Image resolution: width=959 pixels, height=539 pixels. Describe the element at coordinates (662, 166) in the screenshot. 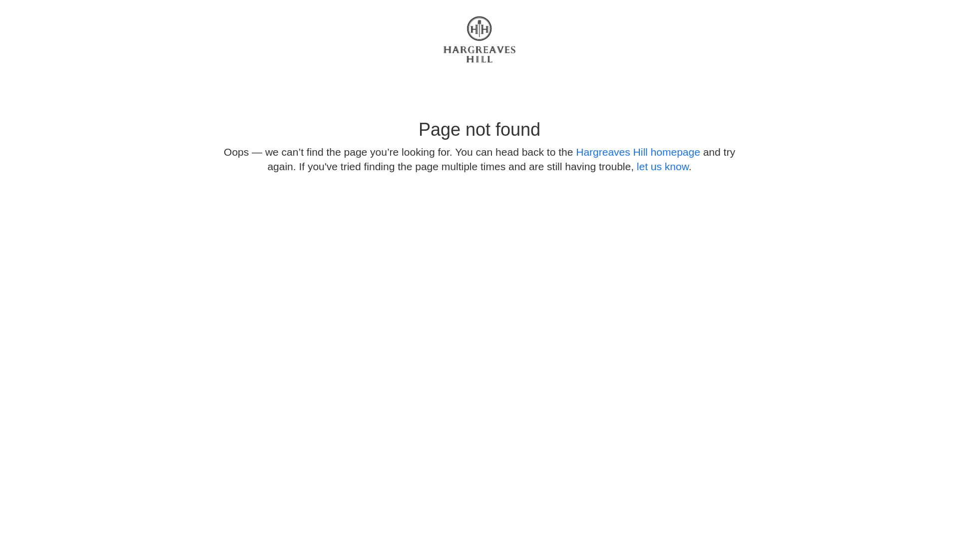

I see `'let us know'` at that location.